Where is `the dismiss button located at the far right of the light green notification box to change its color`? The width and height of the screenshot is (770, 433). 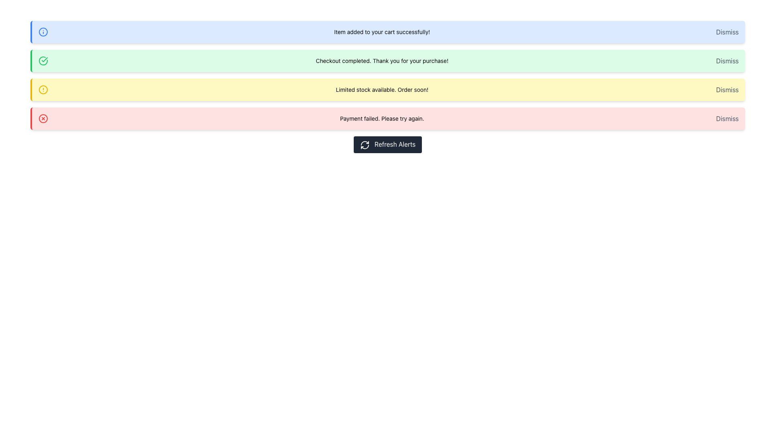
the dismiss button located at the far right of the light green notification box to change its color is located at coordinates (727, 60).